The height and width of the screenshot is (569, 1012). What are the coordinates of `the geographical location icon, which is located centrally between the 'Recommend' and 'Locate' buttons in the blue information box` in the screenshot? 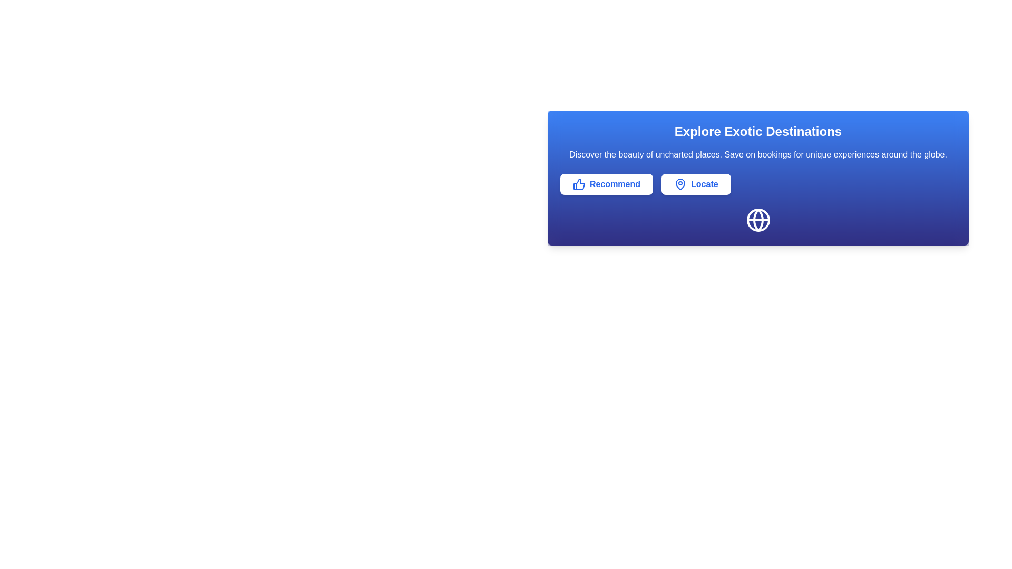 It's located at (680, 184).